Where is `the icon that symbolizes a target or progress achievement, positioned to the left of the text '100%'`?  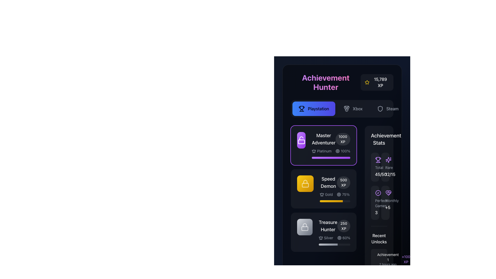
the icon that symbolizes a target or progress achievement, positioned to the left of the text '100%' is located at coordinates (338, 151).